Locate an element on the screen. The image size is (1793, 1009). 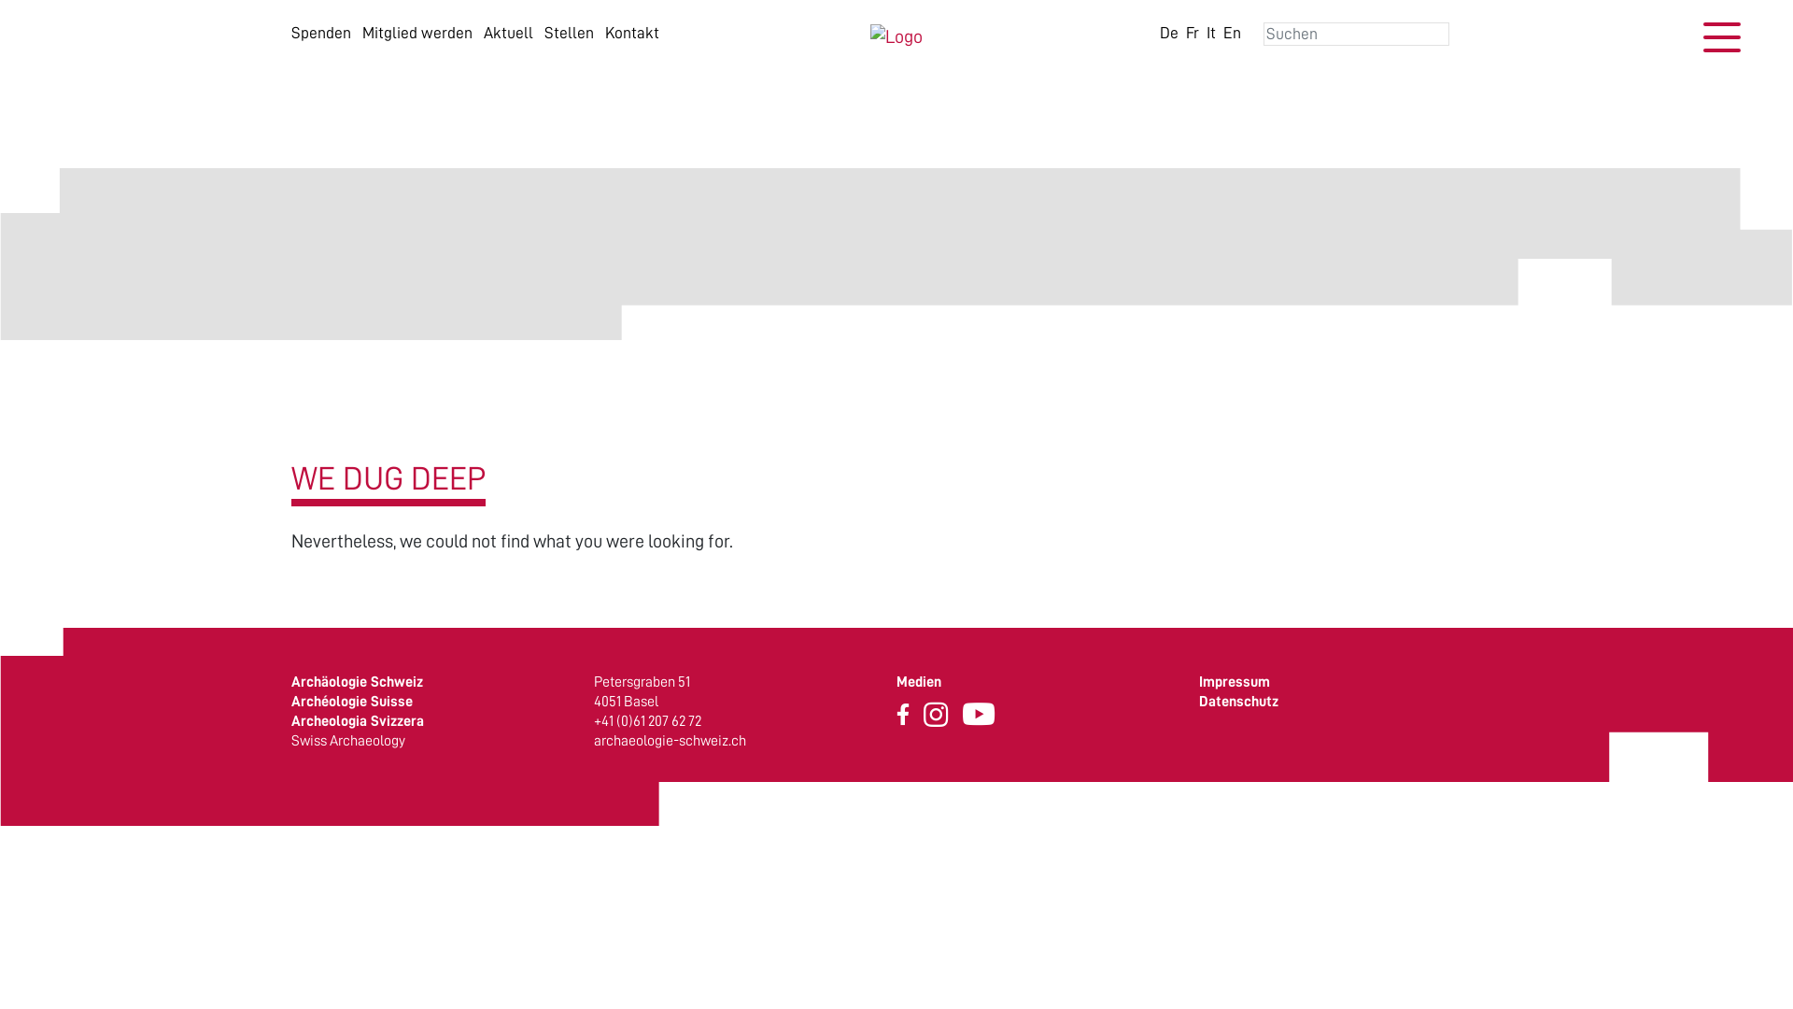
'Search' is located at coordinates (0, 15).